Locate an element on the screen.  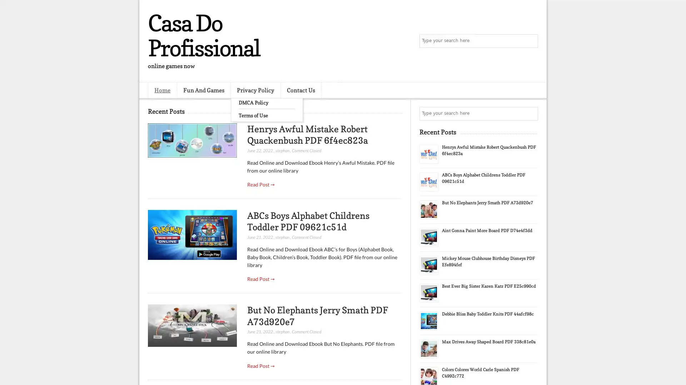
Search is located at coordinates (531, 113).